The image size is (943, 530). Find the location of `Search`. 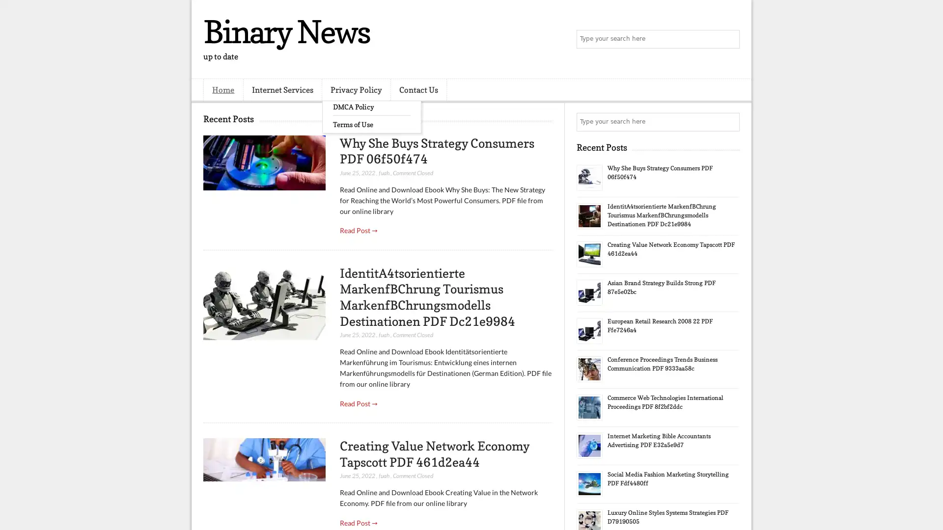

Search is located at coordinates (729, 122).